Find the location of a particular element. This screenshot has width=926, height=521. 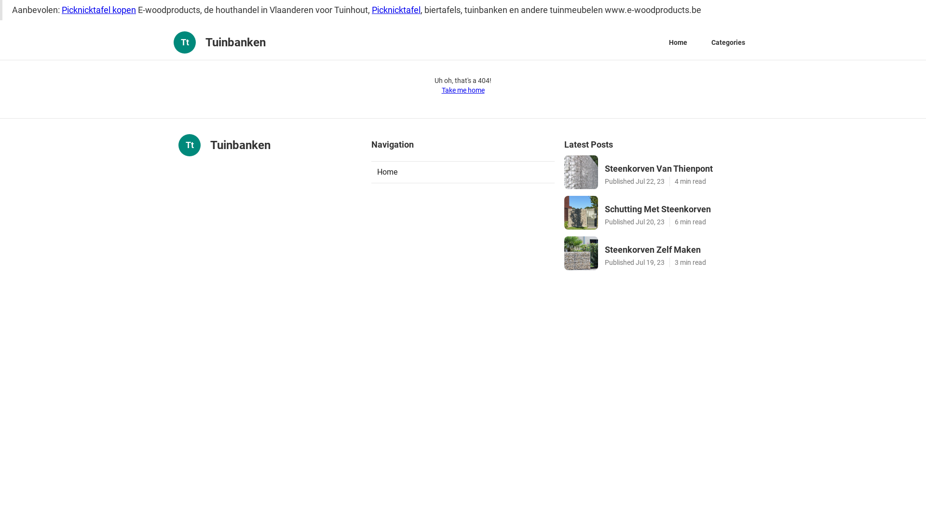

'Take me home' is located at coordinates (463, 90).